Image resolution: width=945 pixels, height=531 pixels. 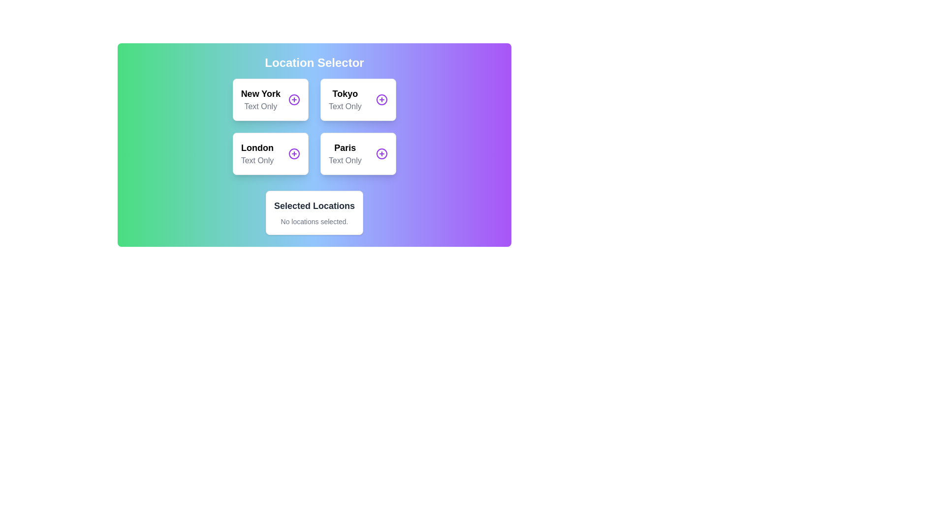 What do you see at coordinates (294, 100) in the screenshot?
I see `the purple circular button with a plus symbol (+) located at the top-right corner of the 'New York' box` at bounding box center [294, 100].